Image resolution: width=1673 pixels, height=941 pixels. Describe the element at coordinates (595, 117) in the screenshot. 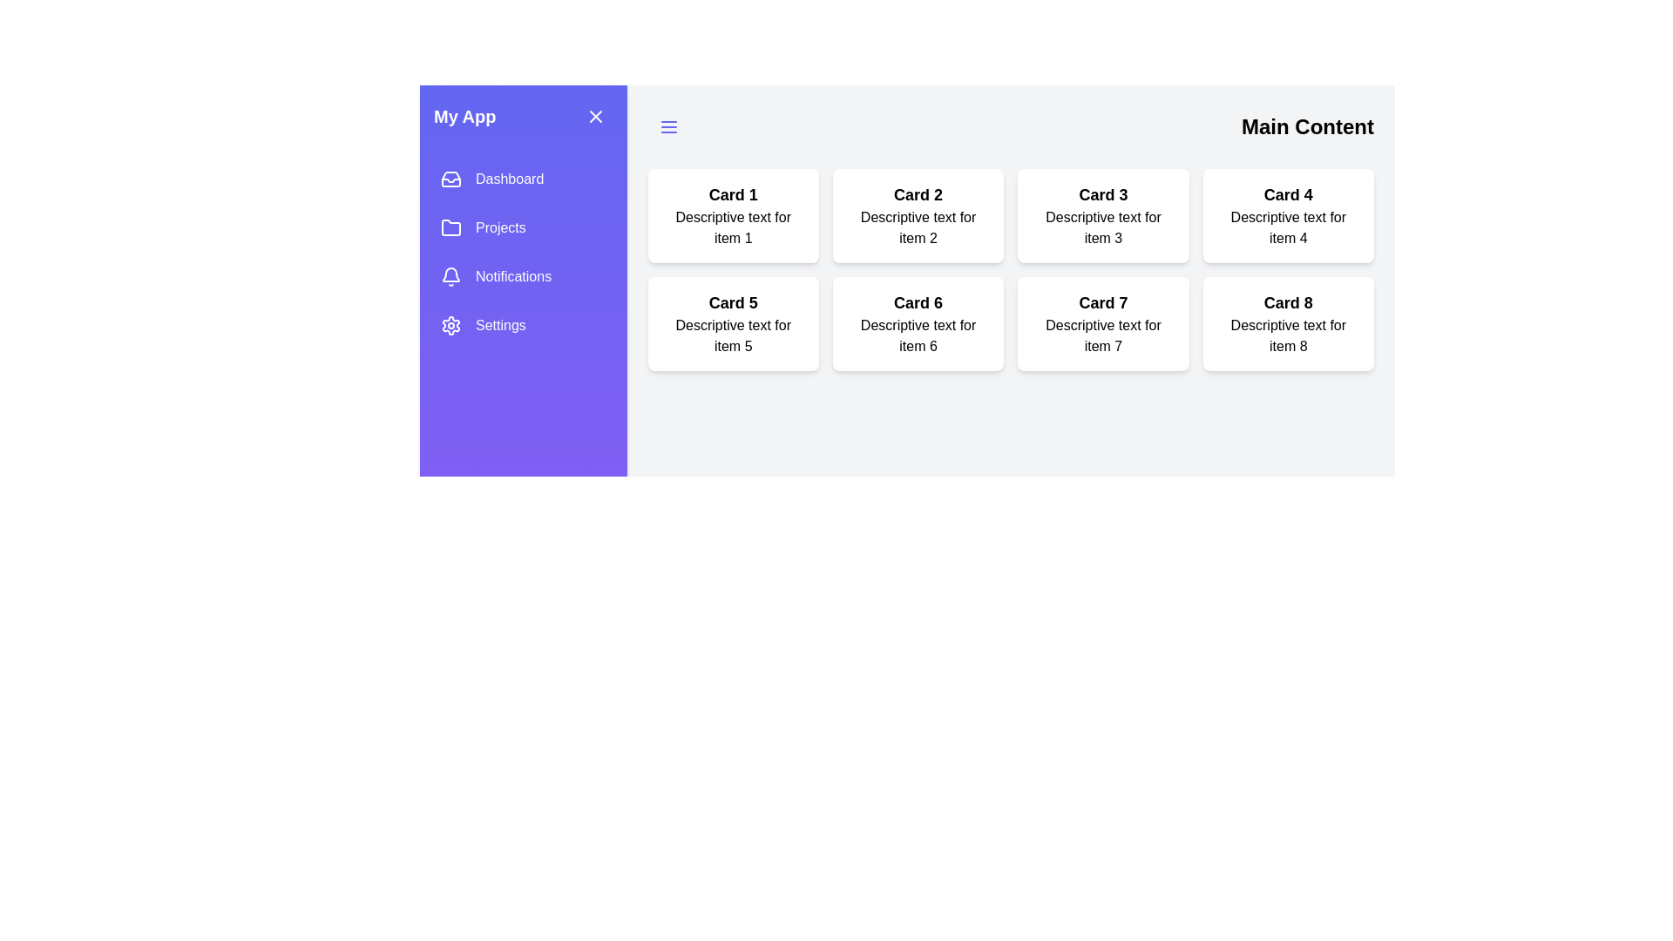

I see `the close button to toggle the sidebar` at that location.